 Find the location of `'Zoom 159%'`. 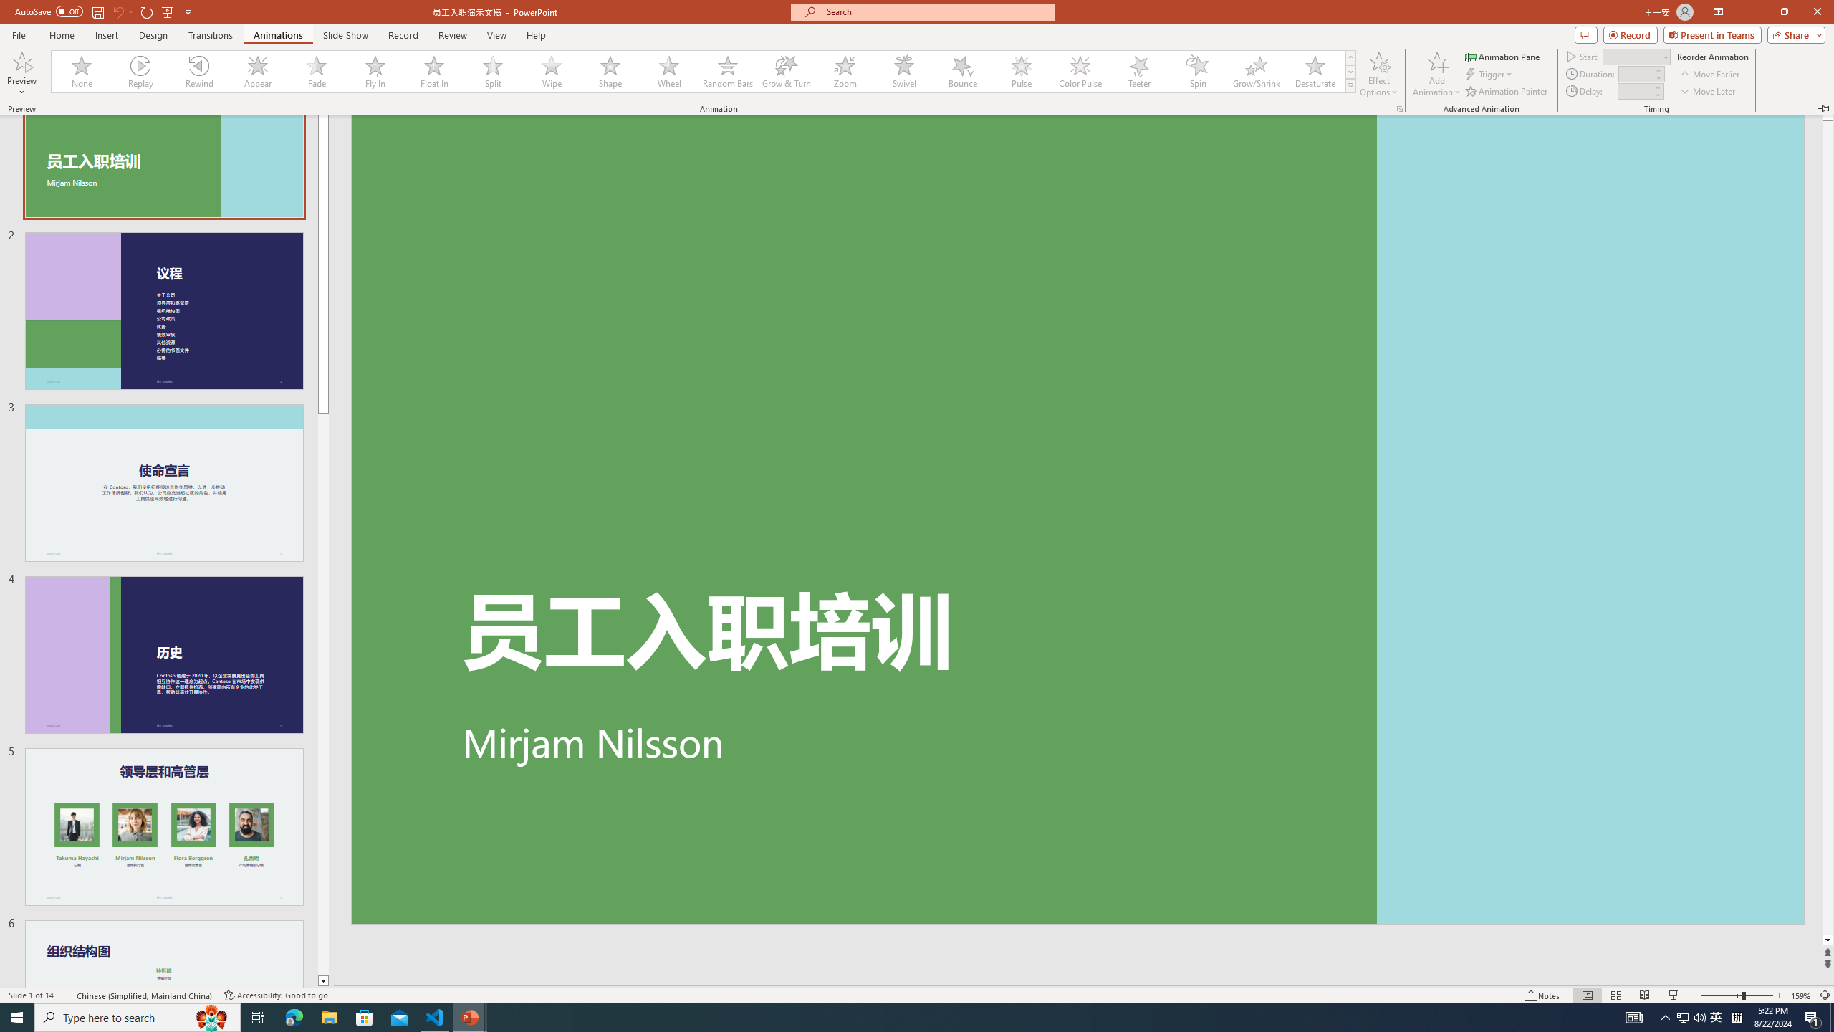

'Zoom 159%' is located at coordinates (1802, 995).